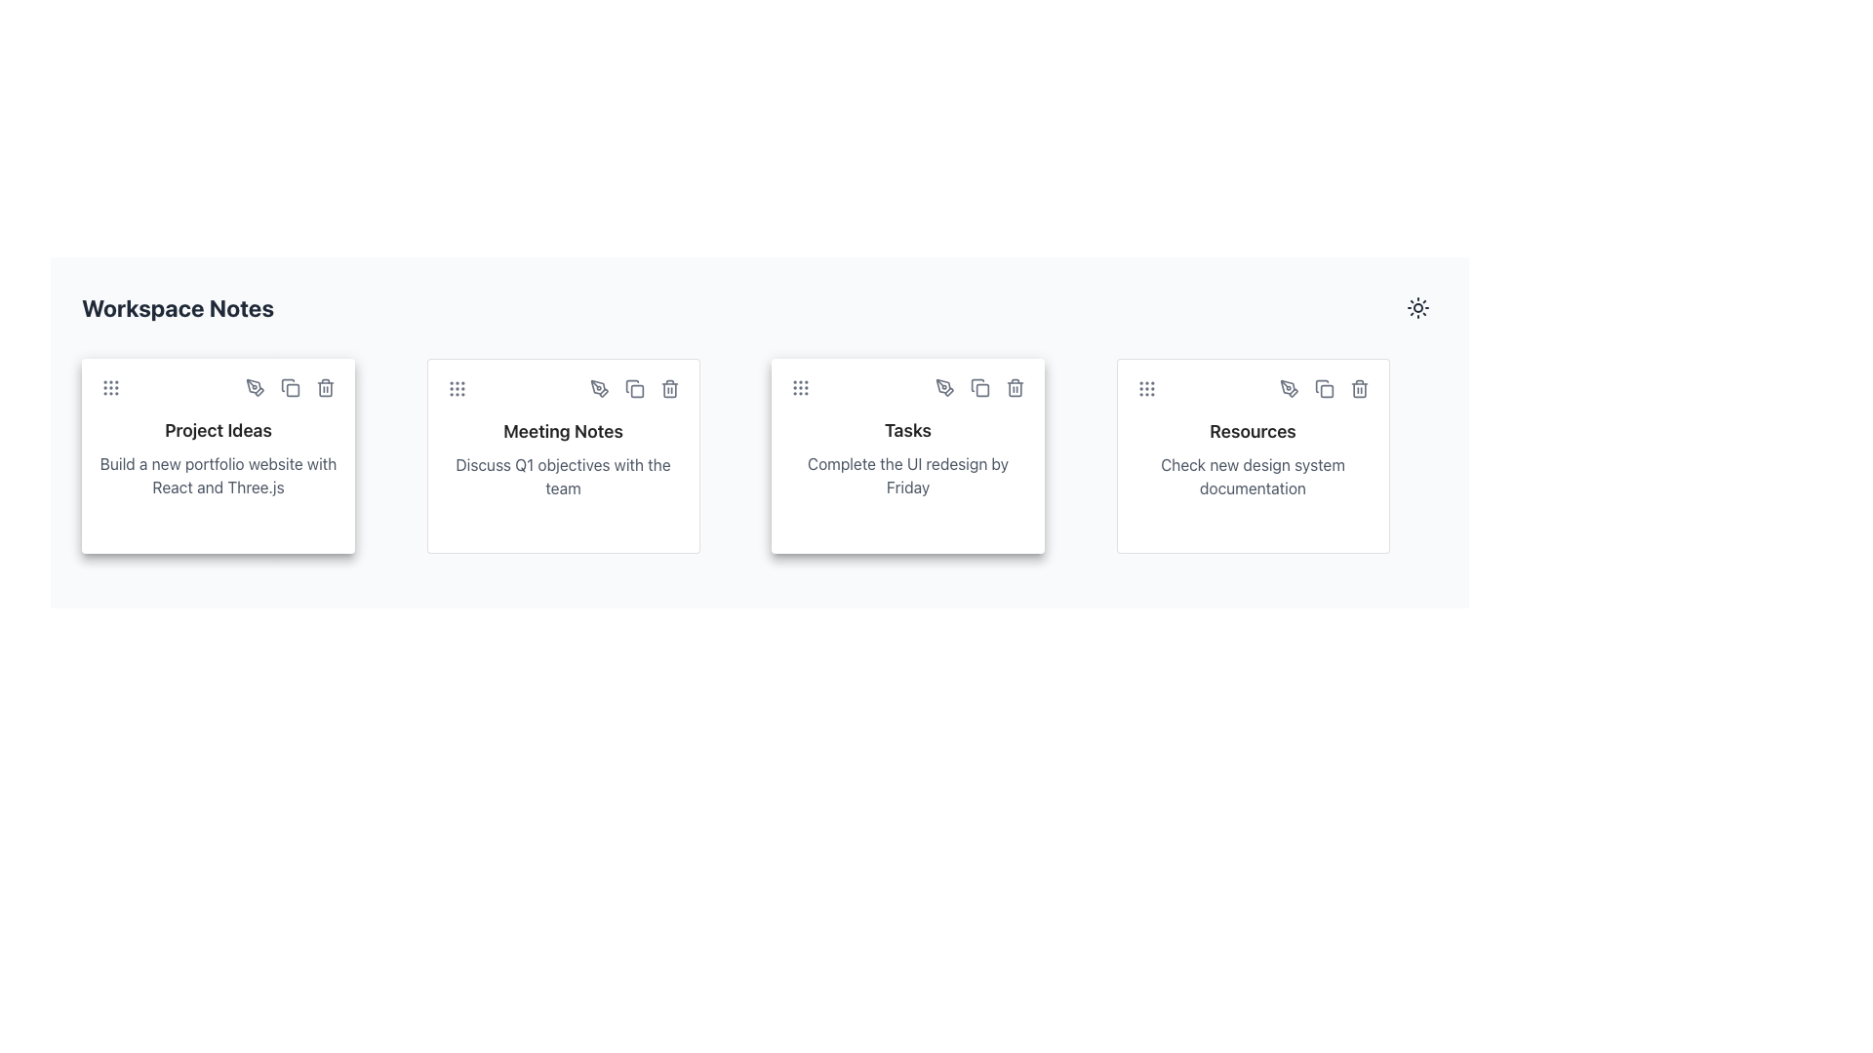 Image resolution: width=1873 pixels, height=1053 pixels. Describe the element at coordinates (634, 388) in the screenshot. I see `the 'Copy' icon button, the second interactive icon from the right in the control bar above the 'Meeting Notes' card` at that location.